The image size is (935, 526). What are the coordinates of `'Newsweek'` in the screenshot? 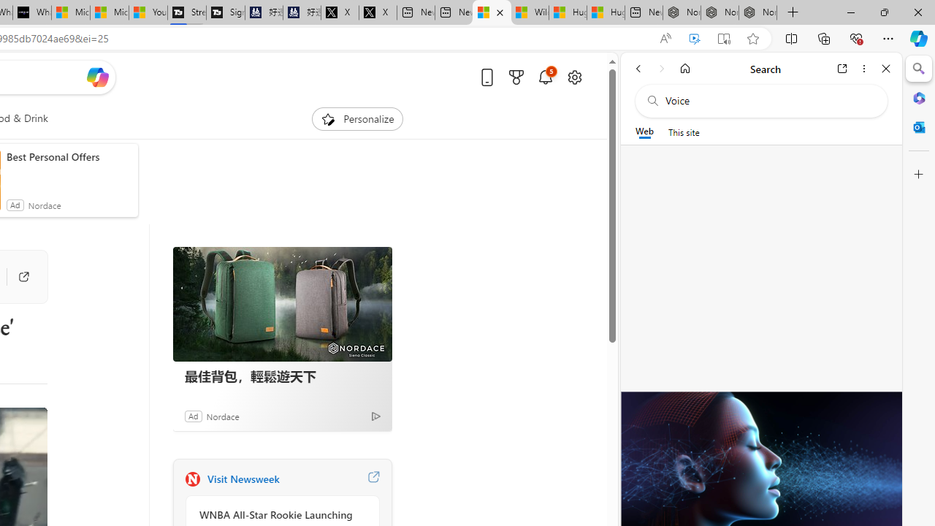 It's located at (191, 479).